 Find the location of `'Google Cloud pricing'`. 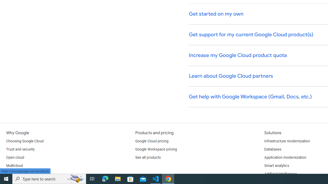

'Google Cloud pricing' is located at coordinates (151, 141).